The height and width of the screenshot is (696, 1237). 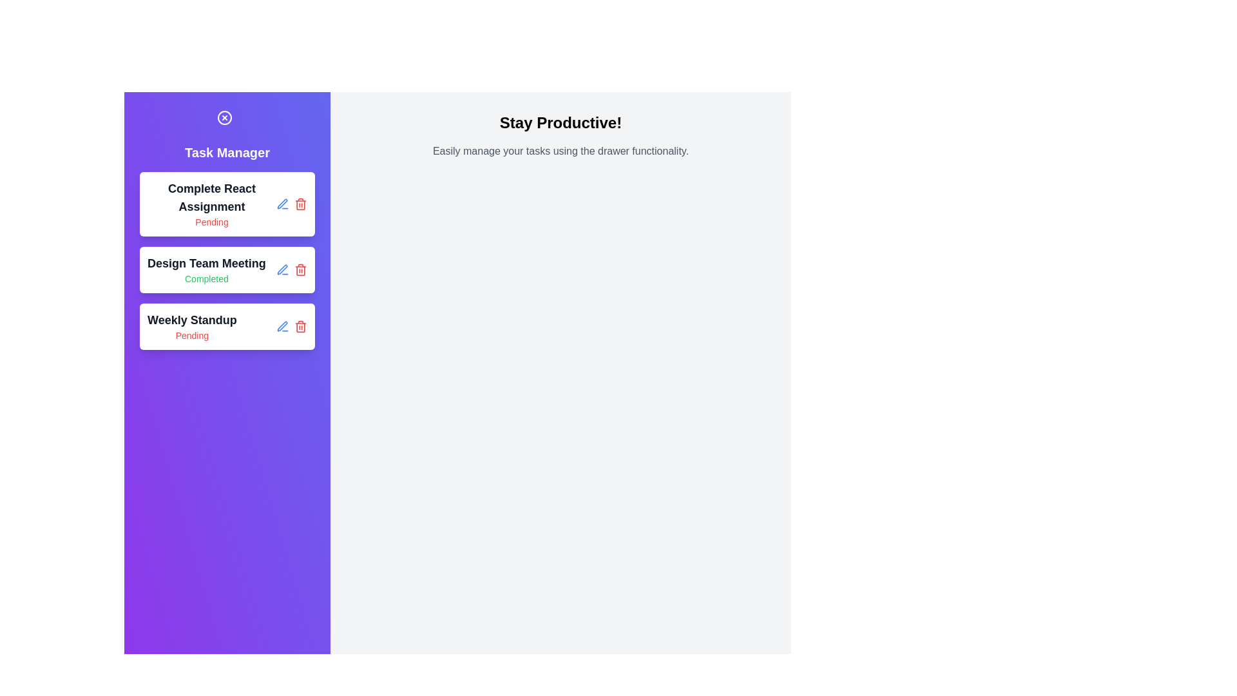 What do you see at coordinates (282, 269) in the screenshot?
I see `edit button for the task titled Design Team Meeting` at bounding box center [282, 269].